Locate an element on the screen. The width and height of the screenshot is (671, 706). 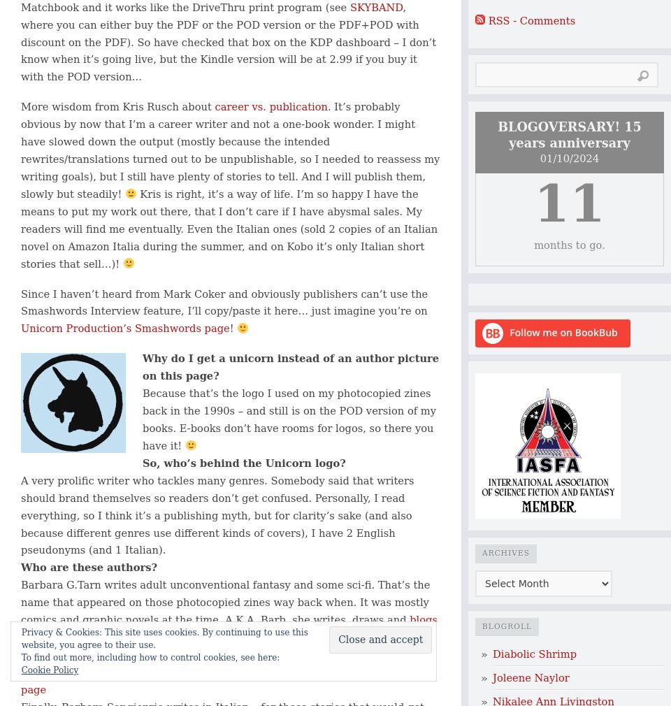
'Her web page' is located at coordinates (227, 680).